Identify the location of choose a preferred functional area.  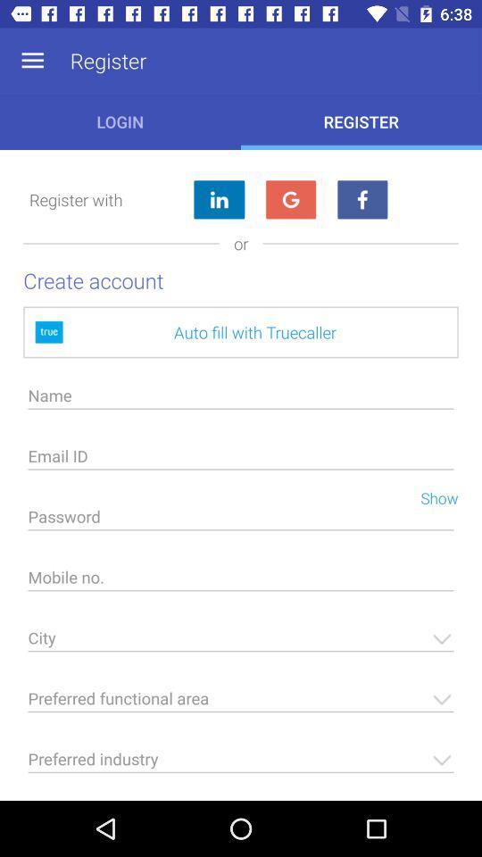
(241, 703).